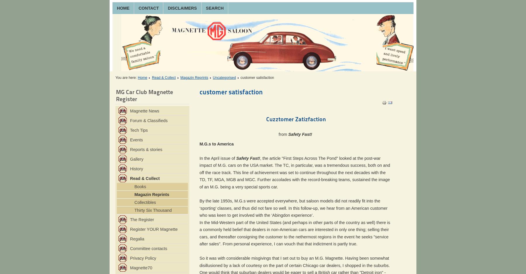 This screenshot has width=526, height=274. What do you see at coordinates (153, 210) in the screenshot?
I see `'Thirty Six Thousand'` at bounding box center [153, 210].